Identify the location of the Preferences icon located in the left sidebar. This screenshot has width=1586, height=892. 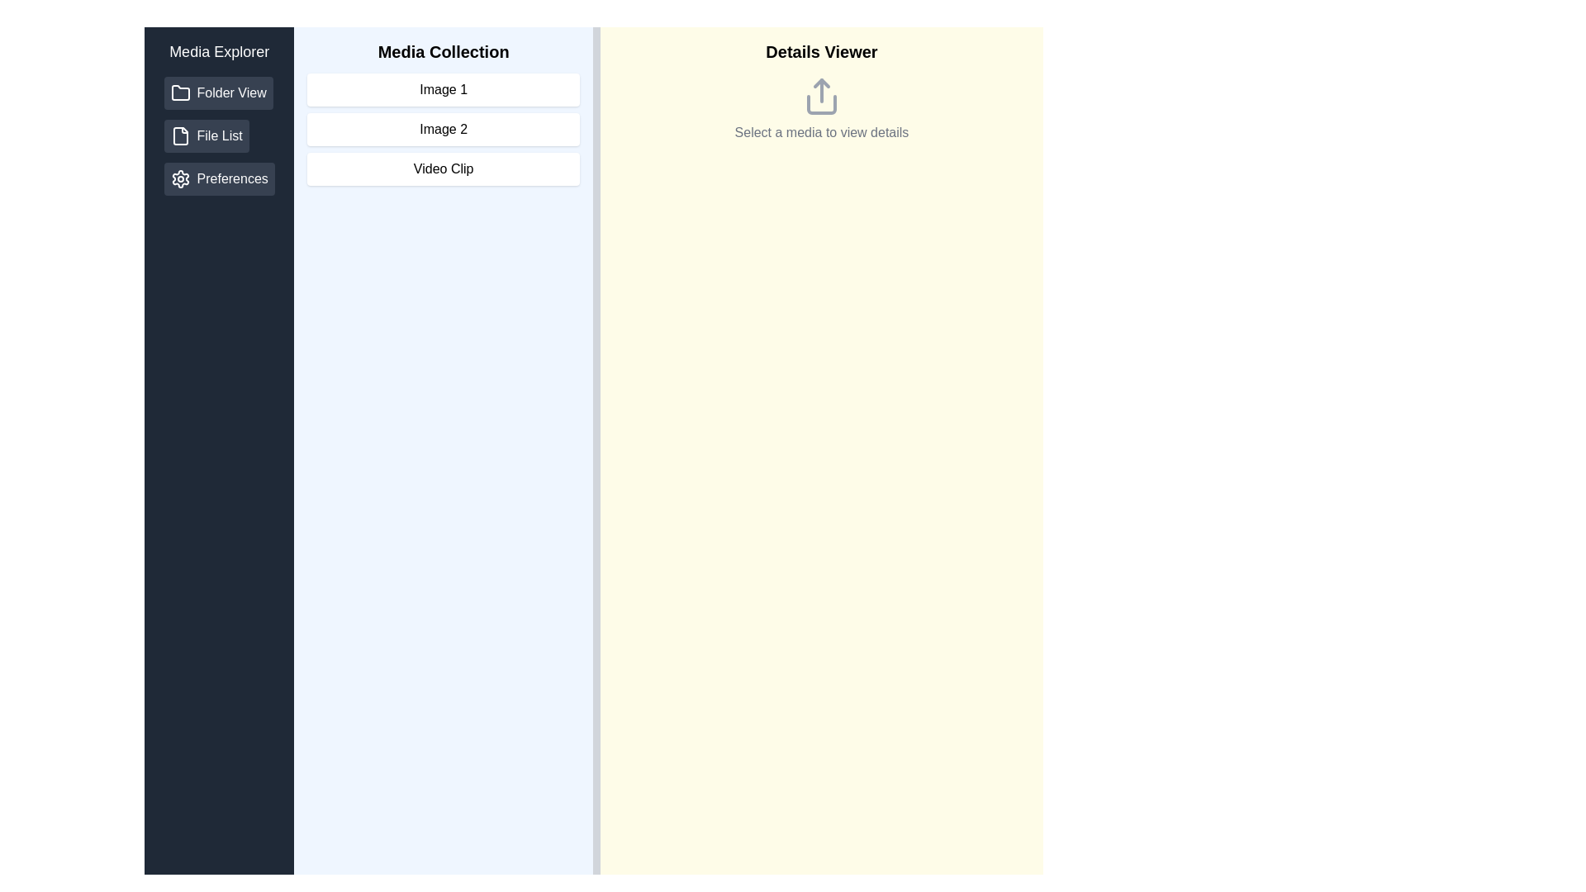
(180, 178).